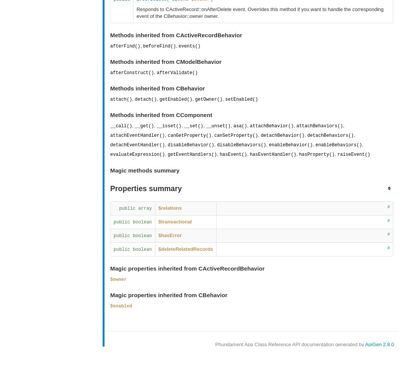 This screenshot has height=380, width=399. Describe the element at coordinates (192, 155) in the screenshot. I see `'getEventHandlers()'` at that location.